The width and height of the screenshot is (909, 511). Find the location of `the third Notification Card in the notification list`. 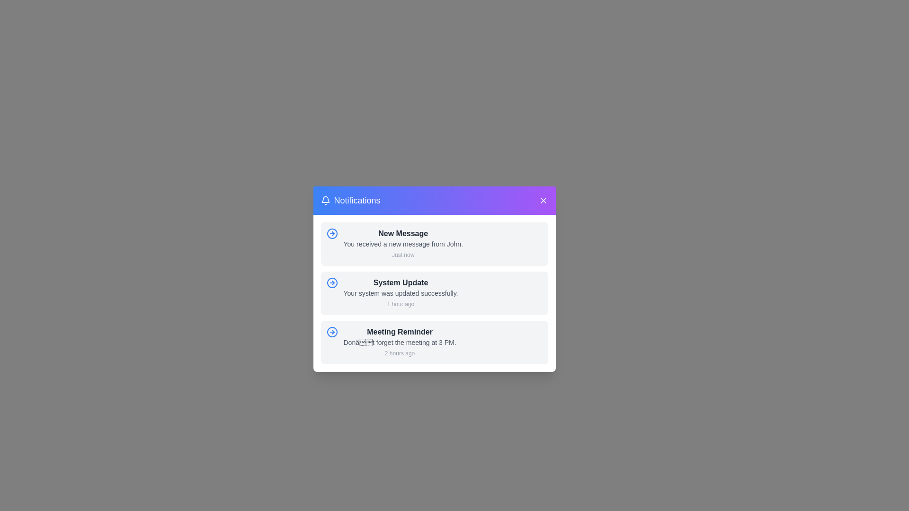

the third Notification Card in the notification list is located at coordinates (400, 343).